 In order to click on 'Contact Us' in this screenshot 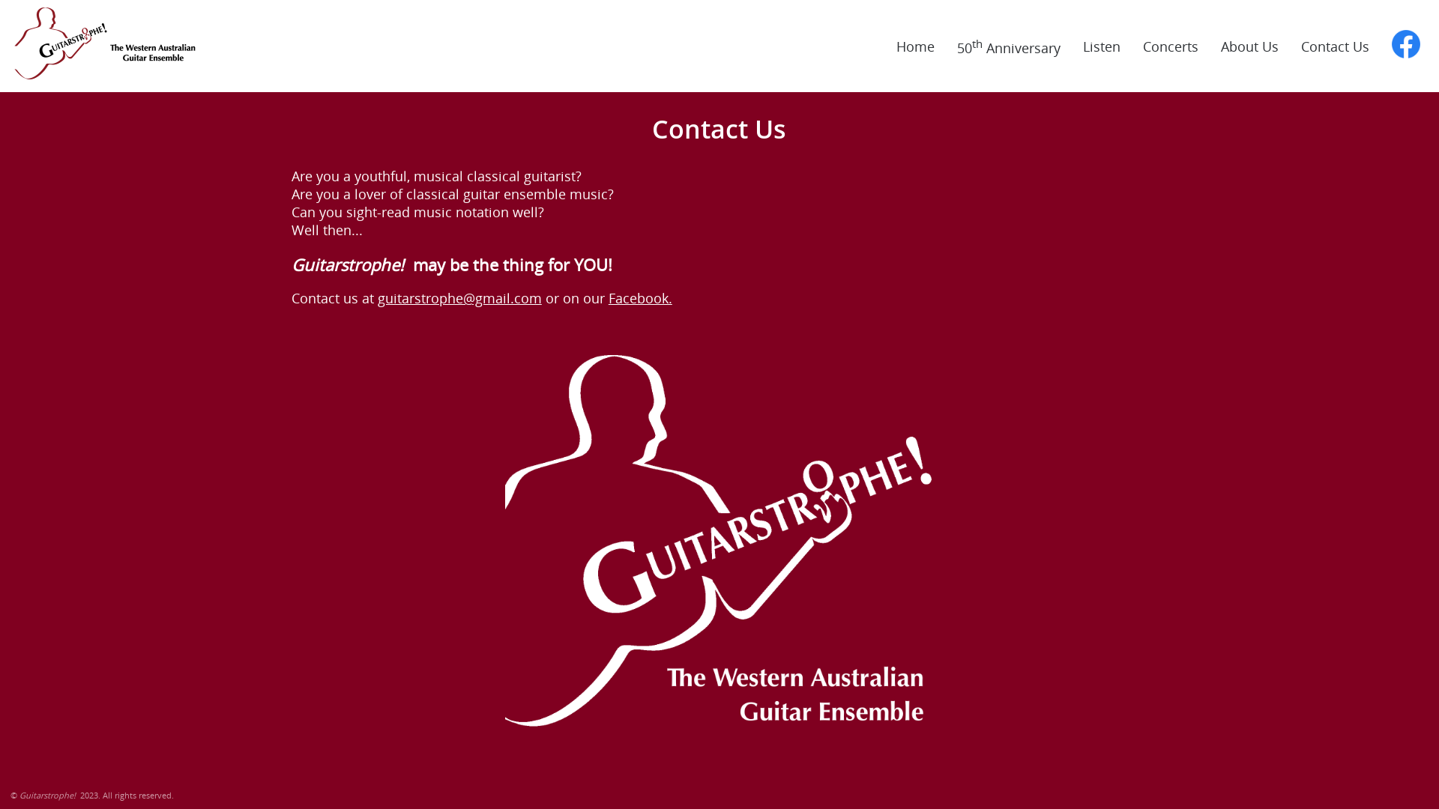, I will do `click(1289, 45)`.